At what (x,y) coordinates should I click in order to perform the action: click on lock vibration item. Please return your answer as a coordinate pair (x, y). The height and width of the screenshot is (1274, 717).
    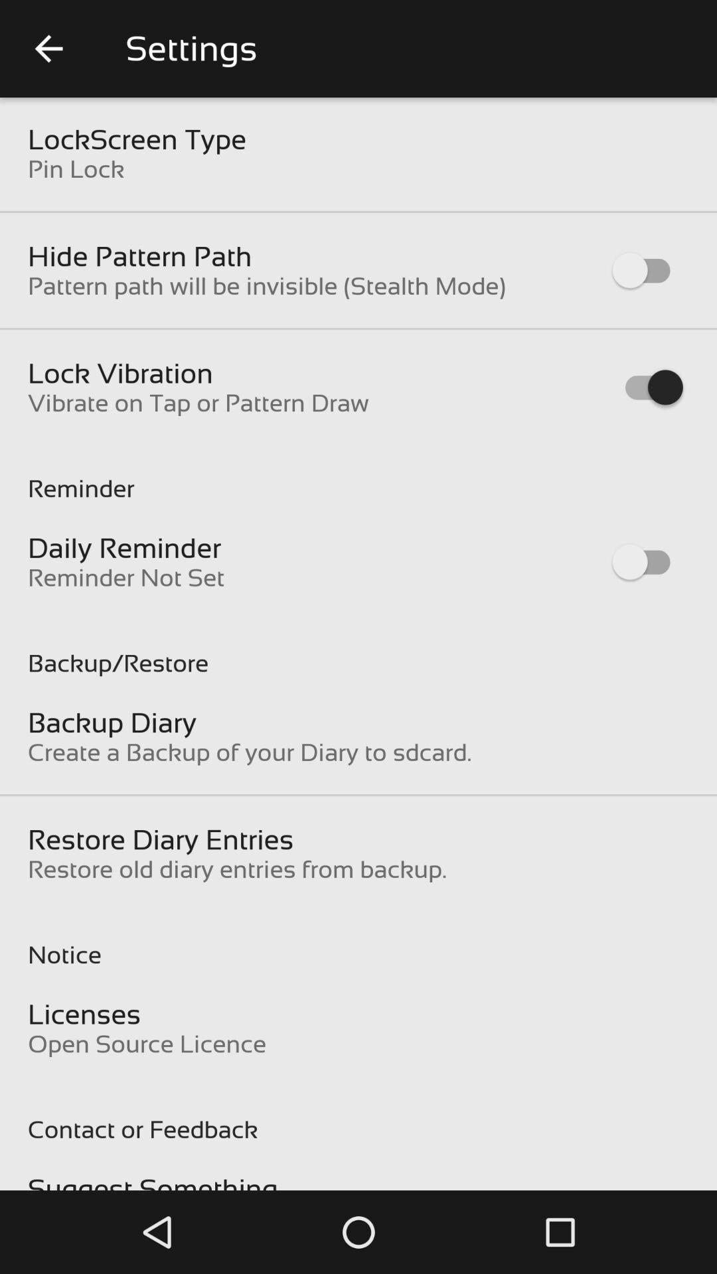
    Looking at the image, I should click on (120, 372).